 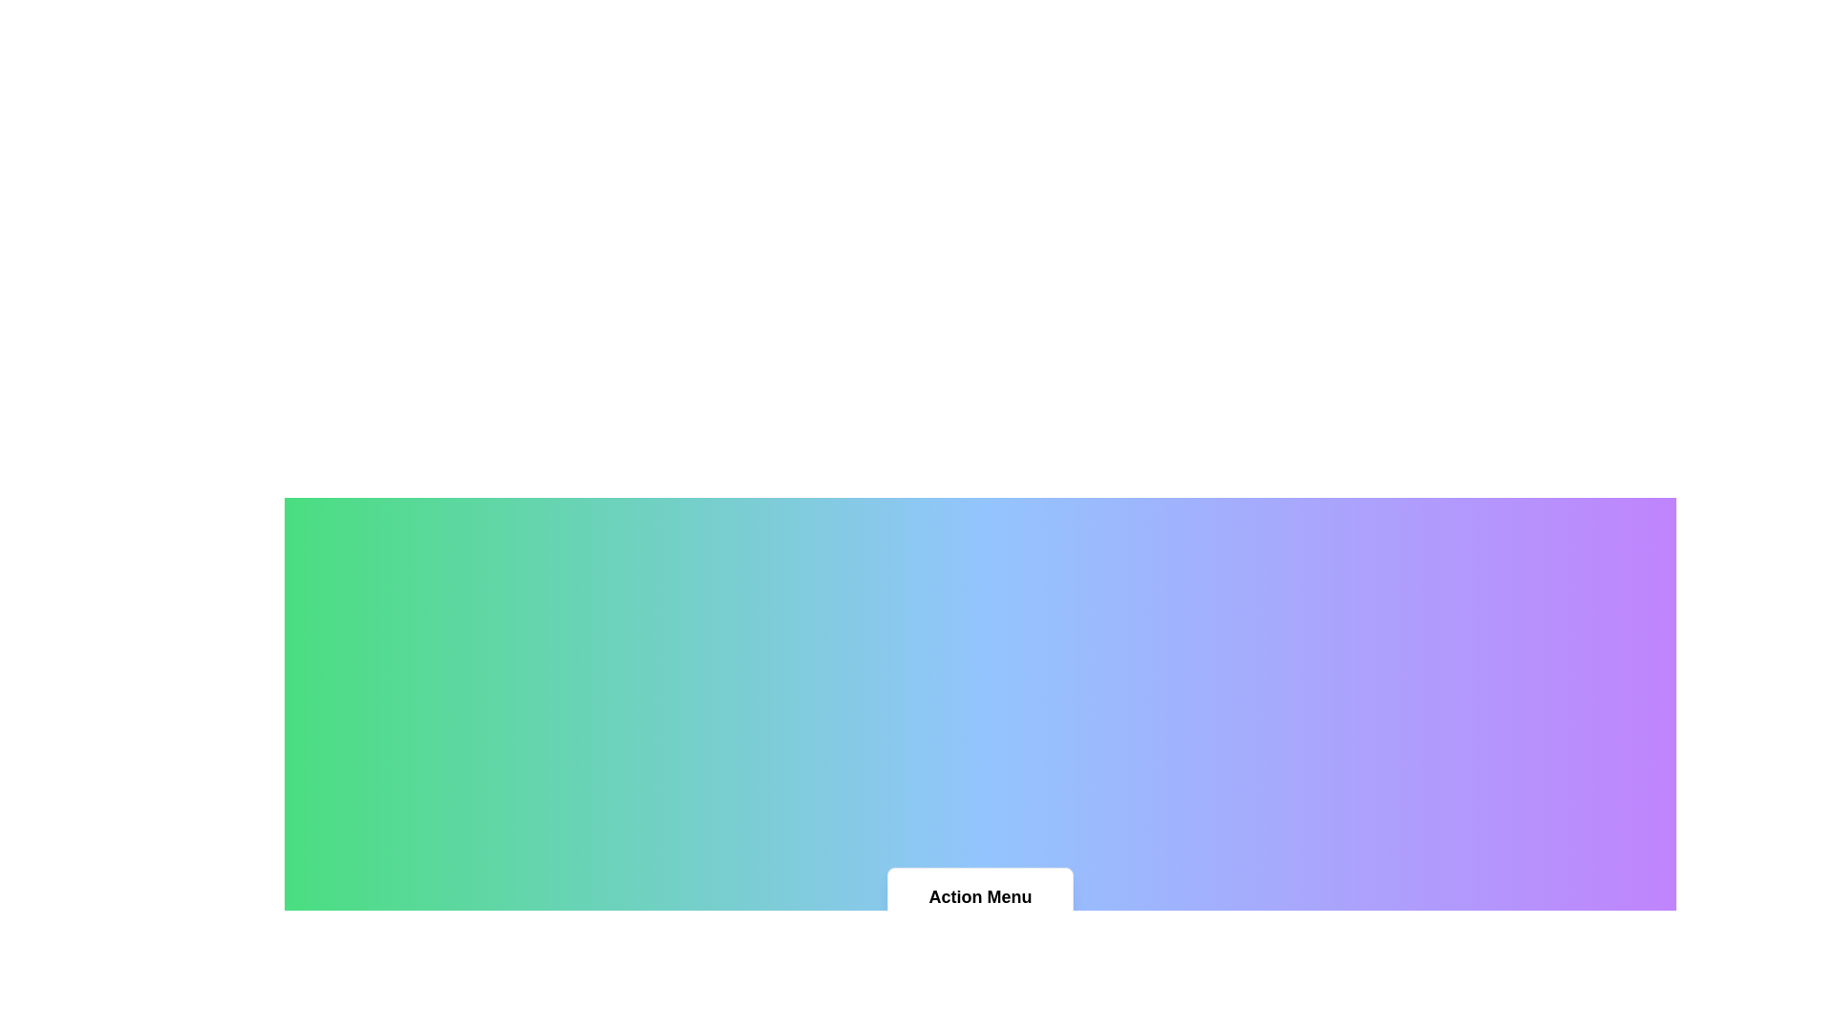 I want to click on the Home from the context menu, so click(x=980, y=939).